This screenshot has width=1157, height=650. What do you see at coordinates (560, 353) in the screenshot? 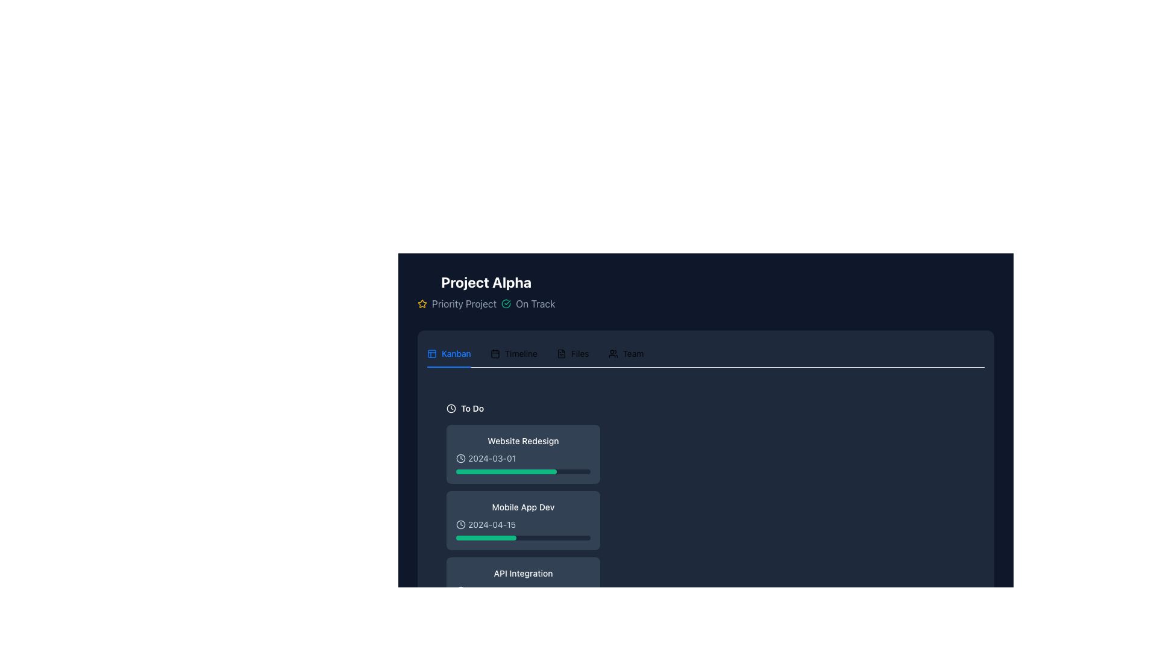
I see `the 'Files' tab icon, which is a document-like visual representation located left of the 'Files' label in the horizontal navigation bar` at bounding box center [560, 353].